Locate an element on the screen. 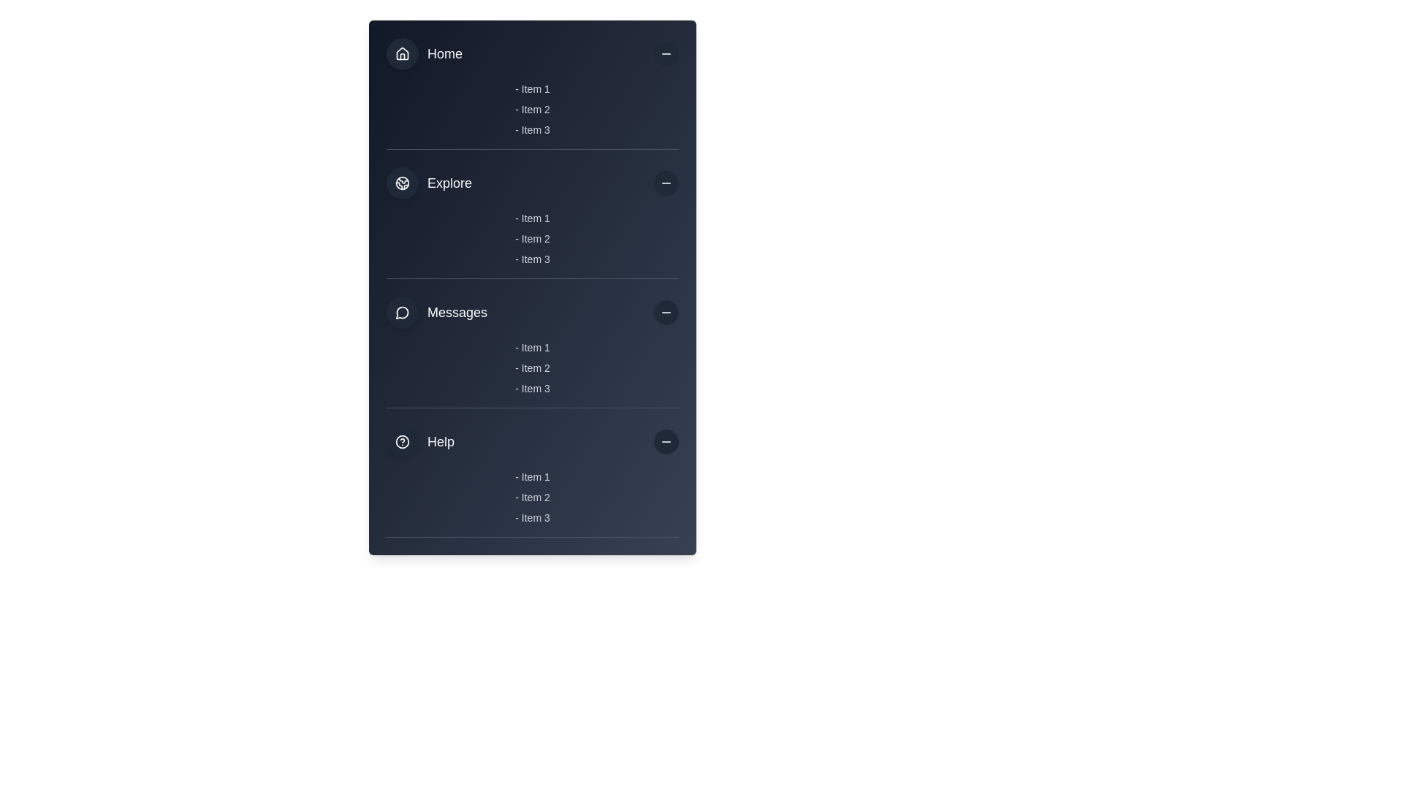 The image size is (1403, 789). the Decorative vector graphic component of the 'Messages' section icon in the navigation menu, which is the third icon in the sequence of icons is located at coordinates (402, 312).